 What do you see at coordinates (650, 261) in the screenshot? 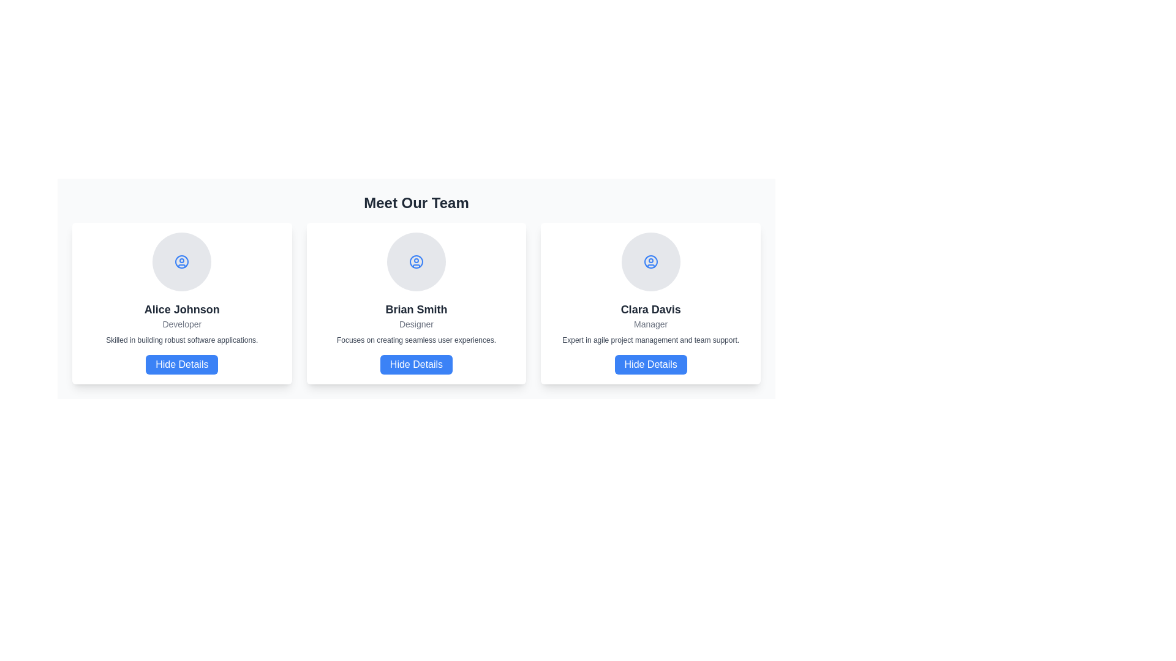
I see `the circular profile icon of 'Clara Davis' in the 'Meet Our Team' section, which has a blue outline and a white background` at bounding box center [650, 261].